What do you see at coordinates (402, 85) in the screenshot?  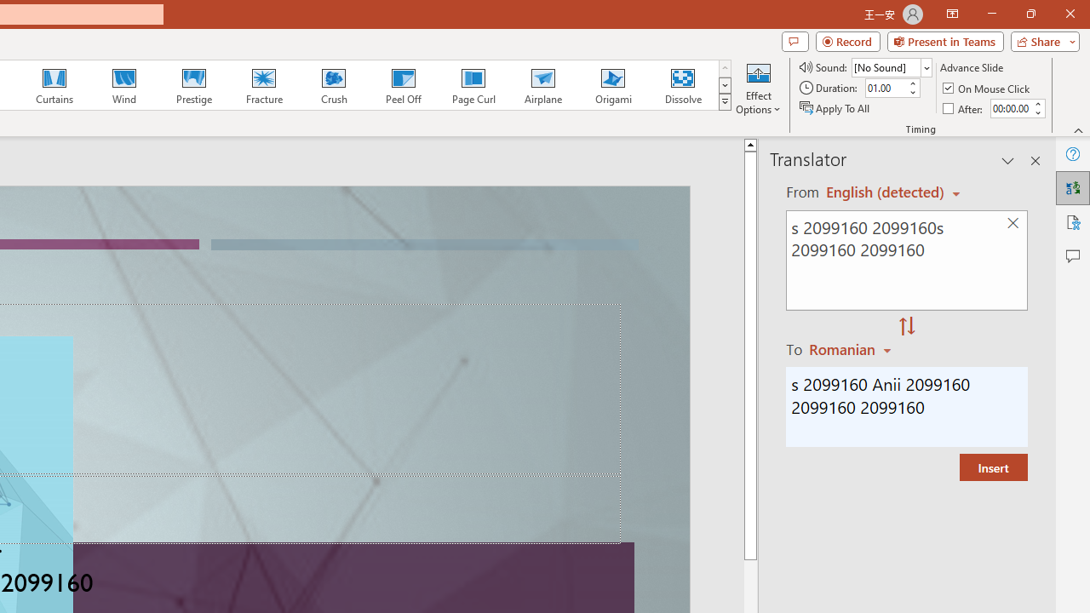 I see `'Peel Off'` at bounding box center [402, 85].